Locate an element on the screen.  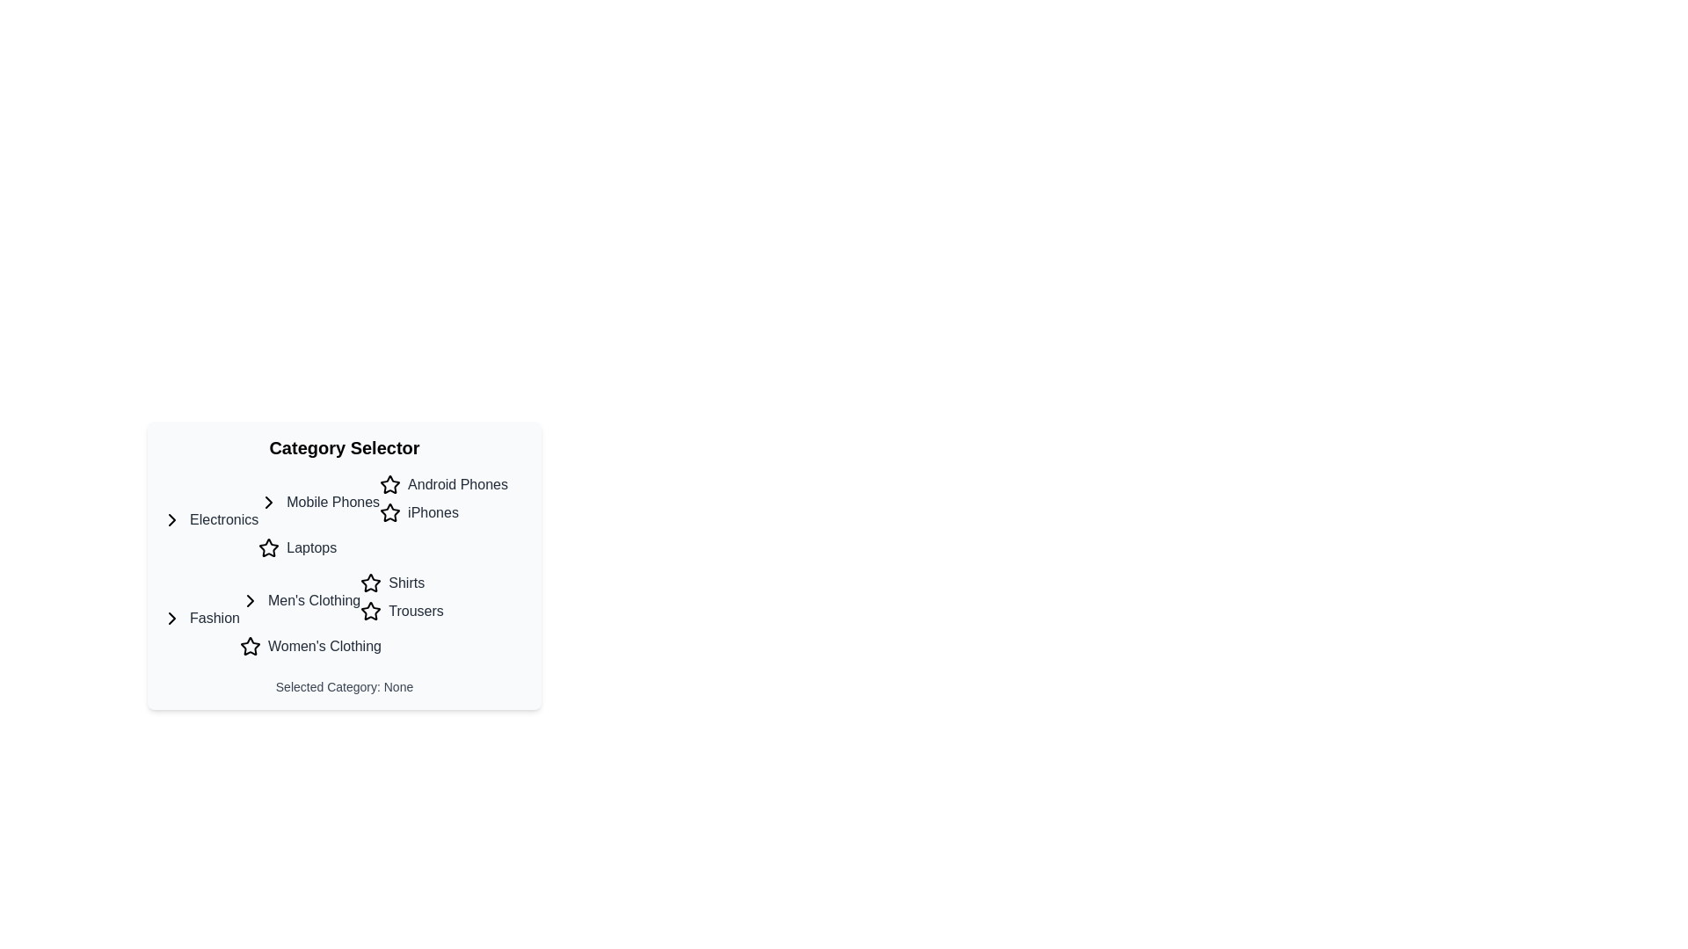
the icon located in the middle of the application's layout, aligned left to the text 'Men's Clothing' is located at coordinates (249, 599).